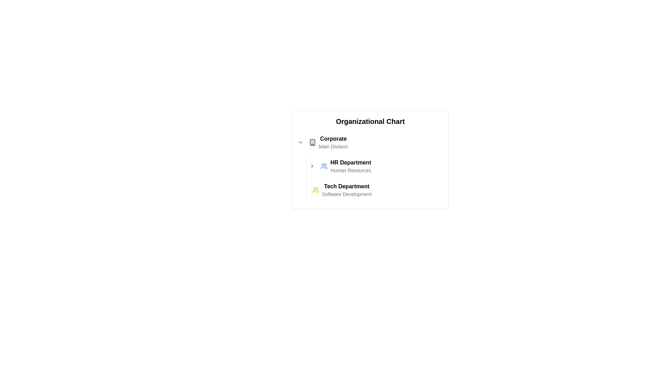 The image size is (672, 378). Describe the element at coordinates (315, 190) in the screenshot. I see `the small yellow icon resembling a group of people, located to the left of the 'Tech Department' text label` at that location.